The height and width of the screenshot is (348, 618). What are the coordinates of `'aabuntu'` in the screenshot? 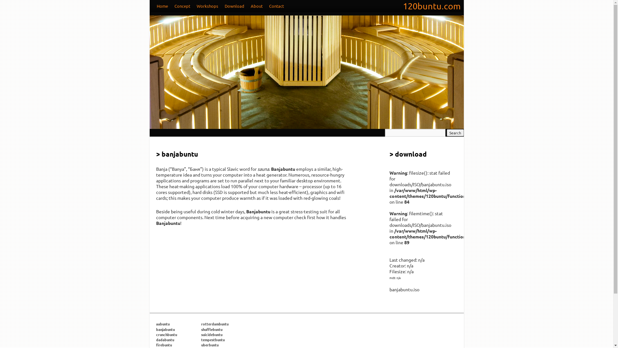 It's located at (162, 324).